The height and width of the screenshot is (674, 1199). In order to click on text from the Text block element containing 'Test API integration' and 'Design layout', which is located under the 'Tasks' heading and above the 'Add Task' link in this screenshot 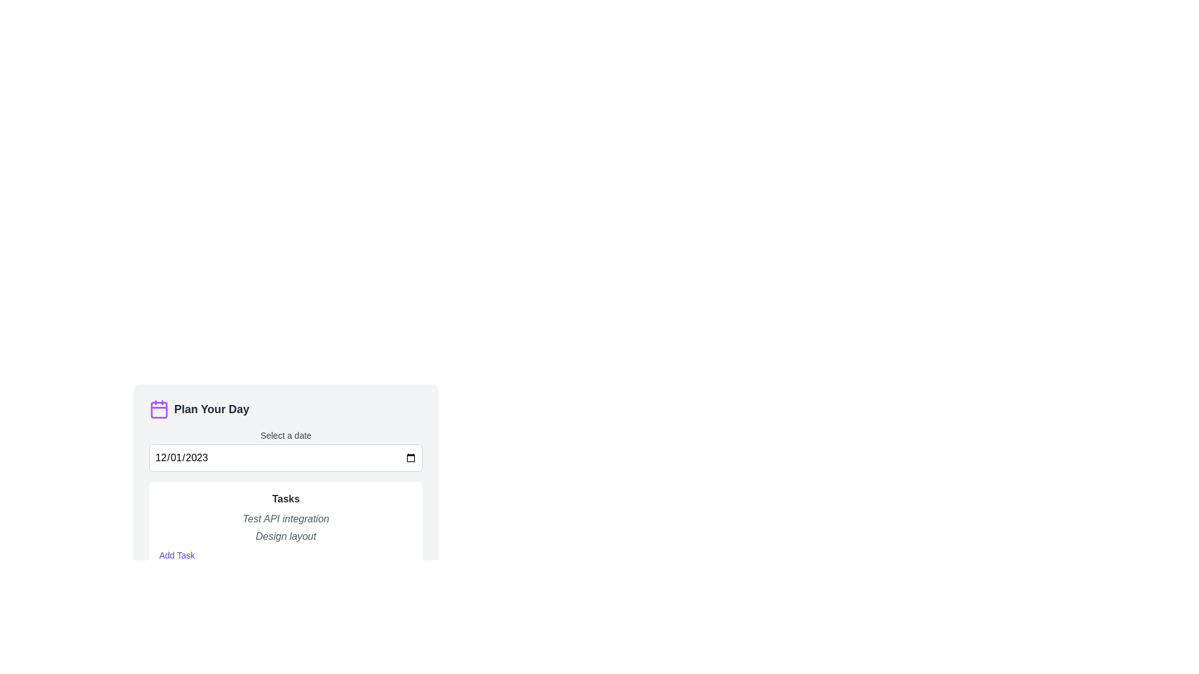, I will do `click(285, 527)`.